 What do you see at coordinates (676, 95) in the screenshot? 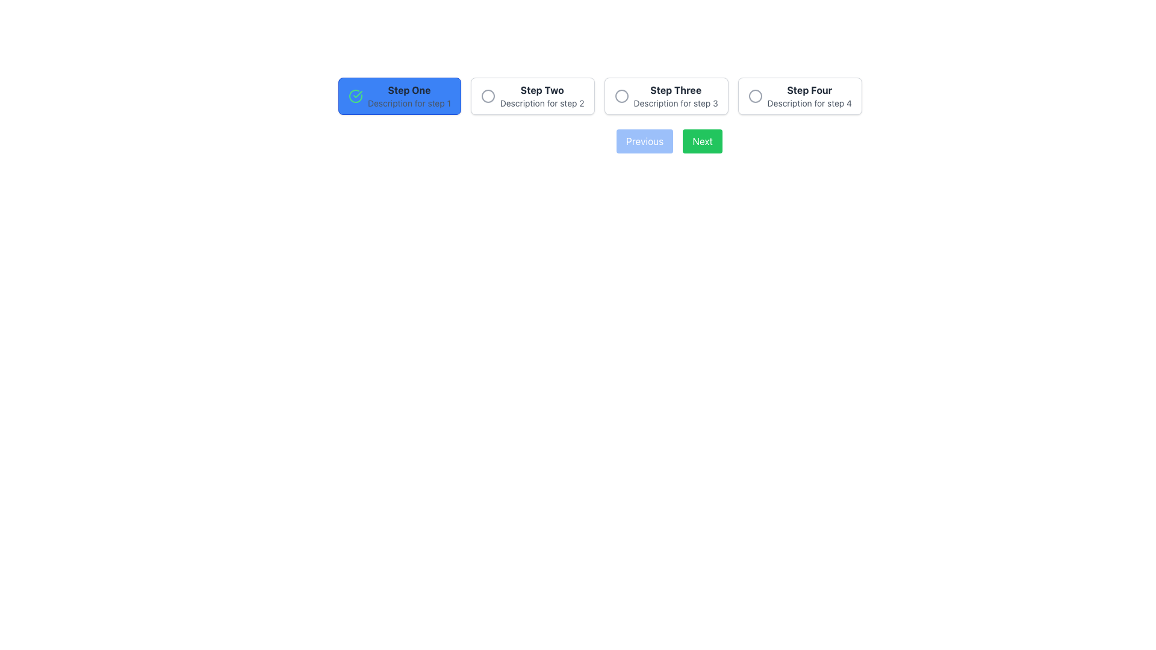
I see `the third step indicator in the multi-step process navigation for keyboard navigation` at bounding box center [676, 95].